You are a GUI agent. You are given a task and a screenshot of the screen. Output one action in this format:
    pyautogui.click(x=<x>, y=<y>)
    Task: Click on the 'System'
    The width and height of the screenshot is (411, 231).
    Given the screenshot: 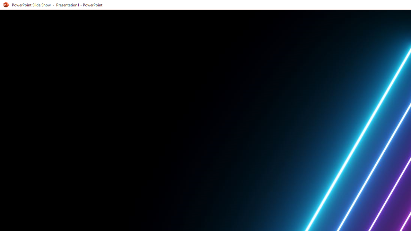 What is the action you would take?
    pyautogui.click(x=6, y=6)
    